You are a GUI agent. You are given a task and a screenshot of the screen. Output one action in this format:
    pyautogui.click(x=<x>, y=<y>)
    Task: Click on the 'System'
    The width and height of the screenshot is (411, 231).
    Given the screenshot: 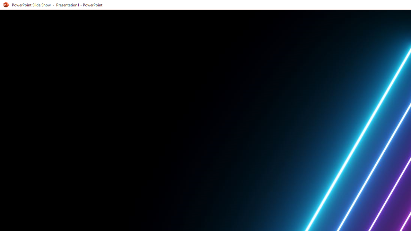 What is the action you would take?
    pyautogui.click(x=6, y=6)
    